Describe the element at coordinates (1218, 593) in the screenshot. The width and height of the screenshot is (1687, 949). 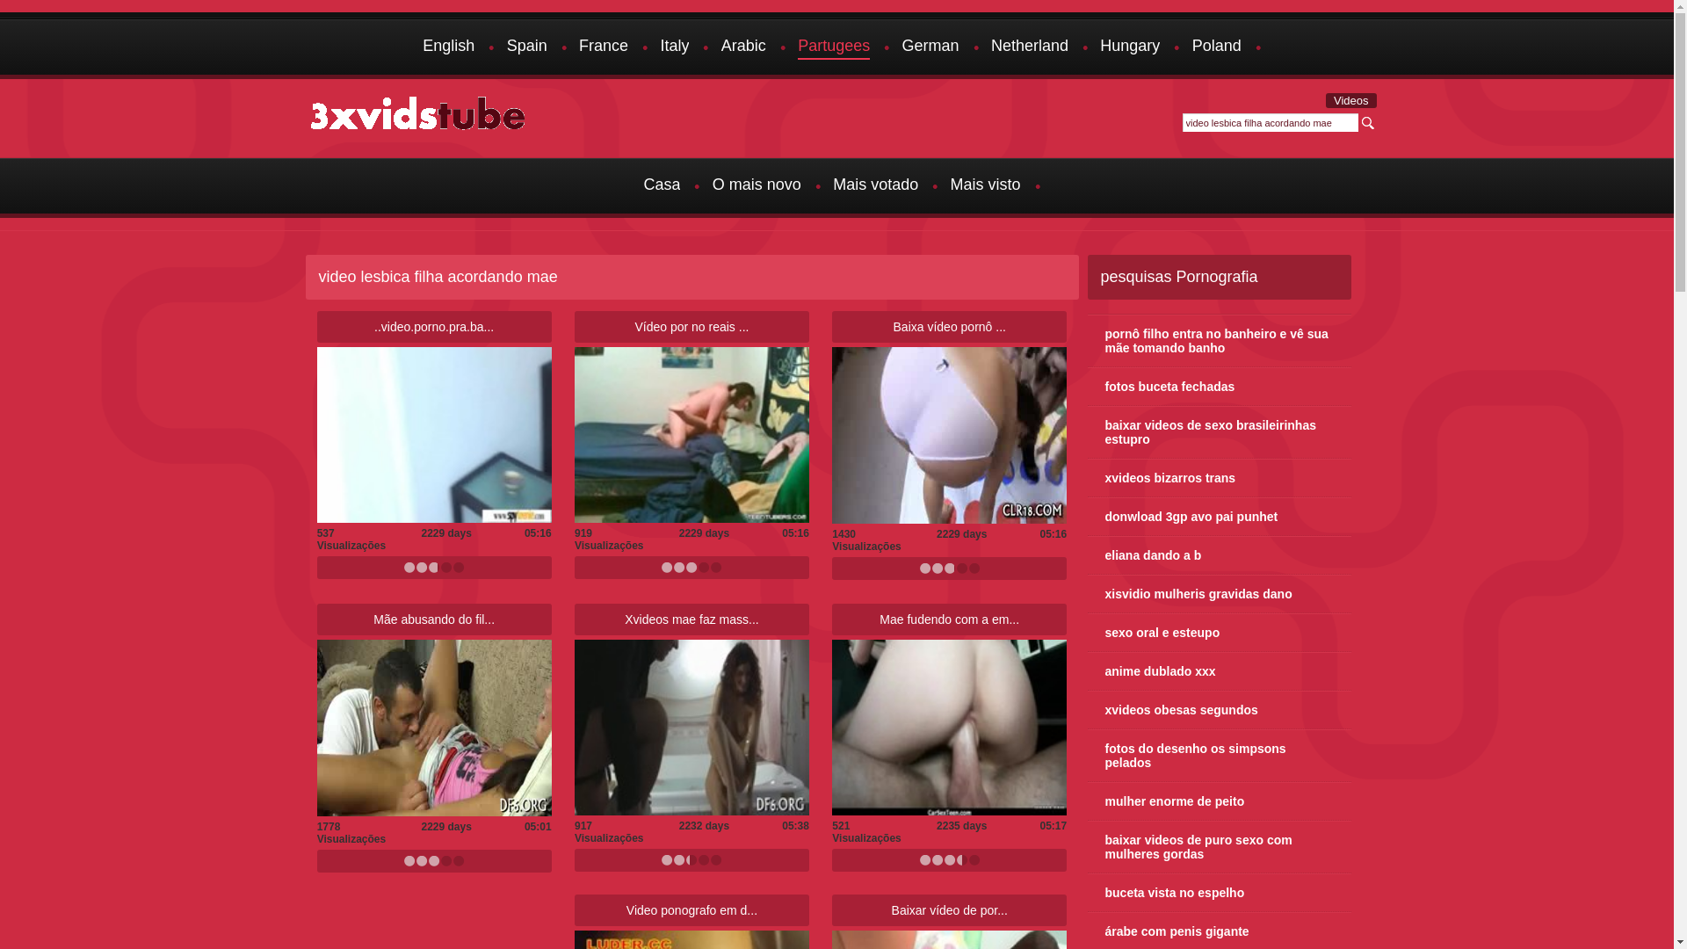
I see `'xisvidio mulheris gravidas dano'` at that location.